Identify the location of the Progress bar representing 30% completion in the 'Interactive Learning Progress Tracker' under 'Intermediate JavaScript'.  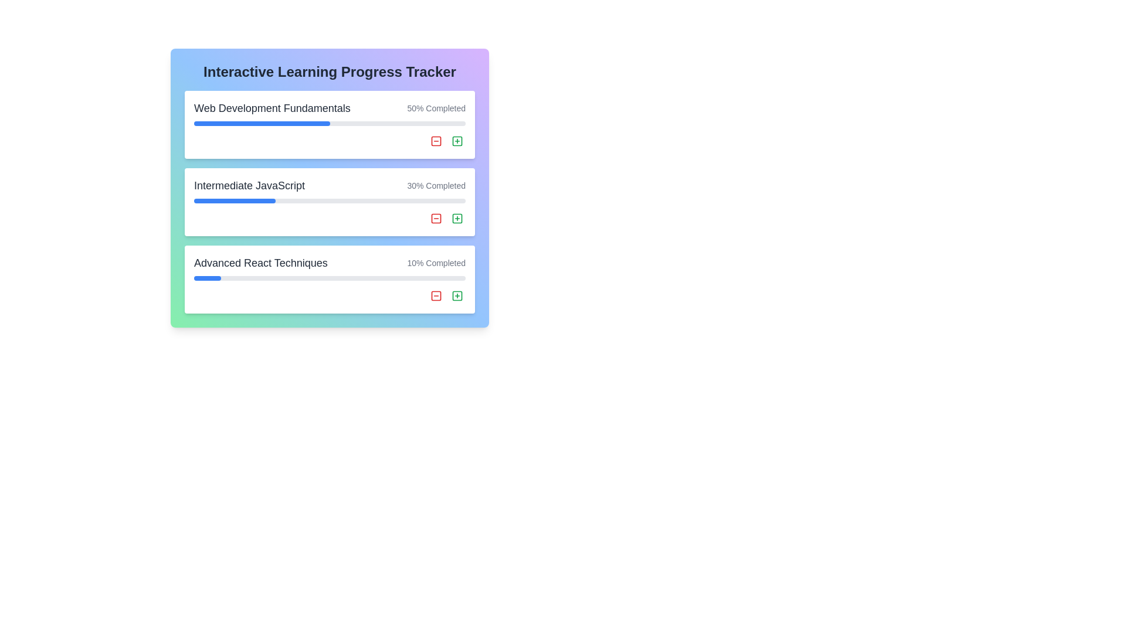
(329, 200).